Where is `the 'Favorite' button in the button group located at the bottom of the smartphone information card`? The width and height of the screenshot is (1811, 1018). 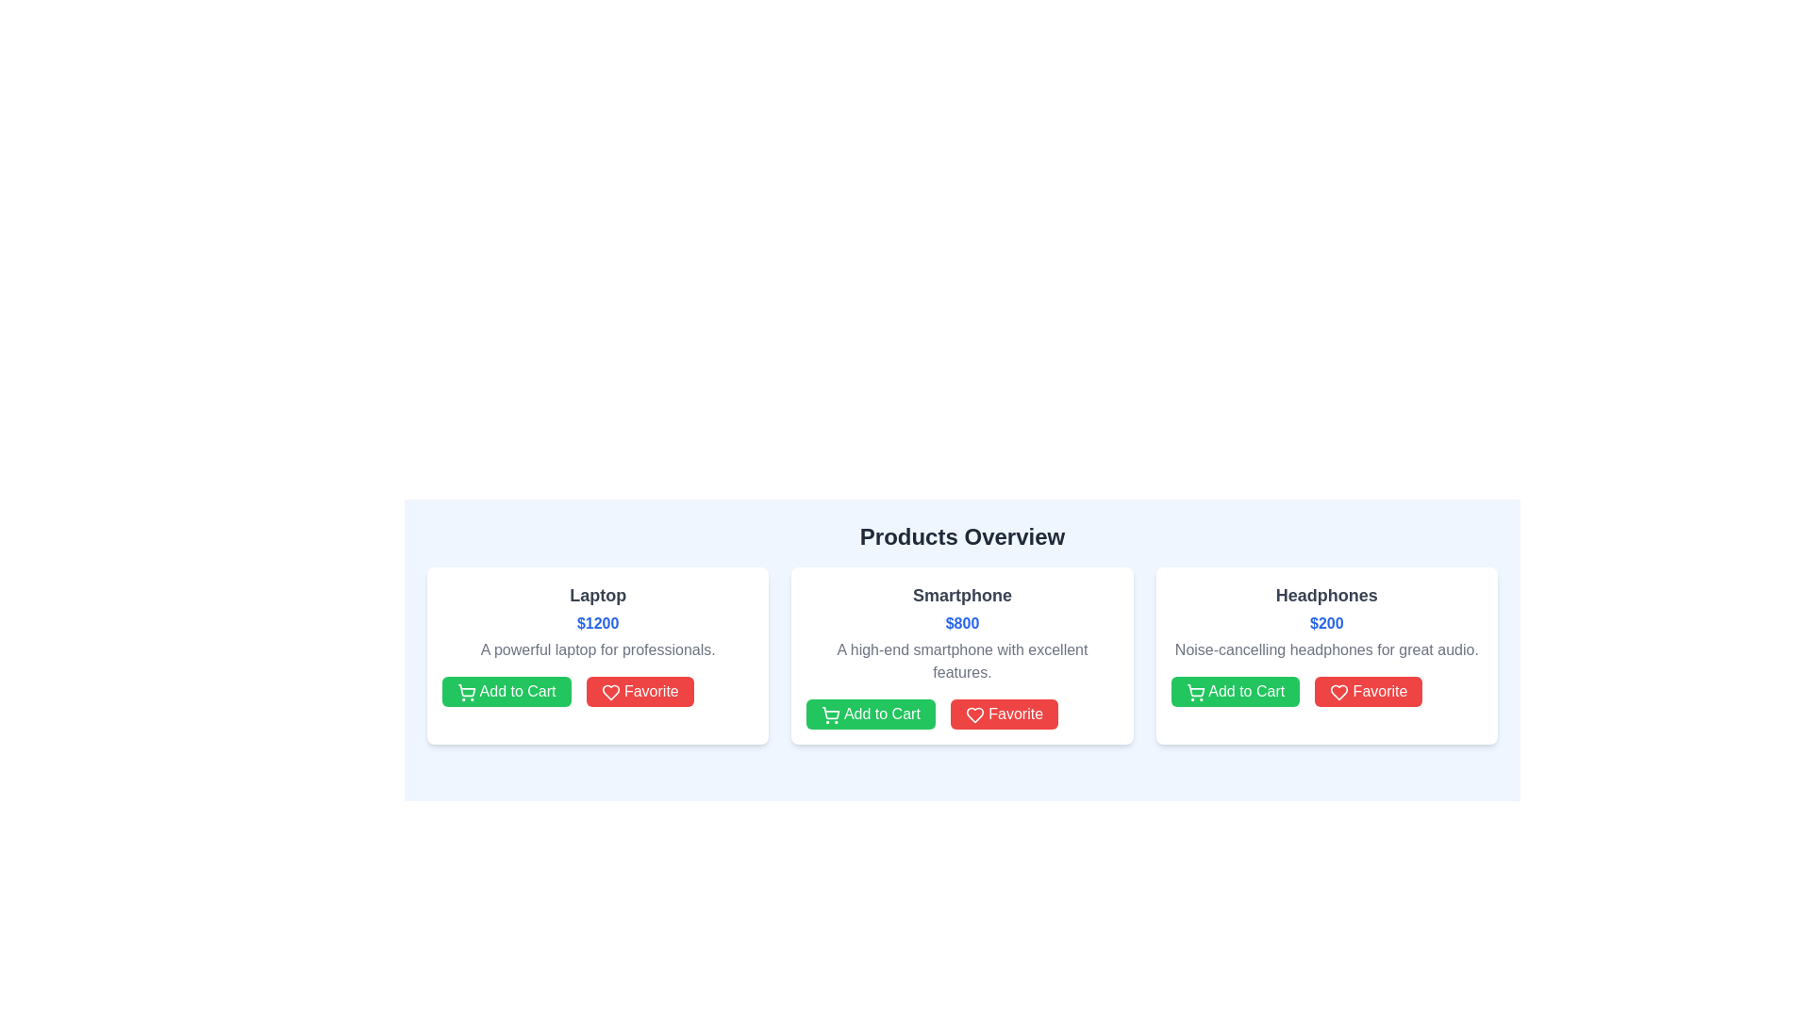
the 'Favorite' button in the button group located at the bottom of the smartphone information card is located at coordinates (961, 714).